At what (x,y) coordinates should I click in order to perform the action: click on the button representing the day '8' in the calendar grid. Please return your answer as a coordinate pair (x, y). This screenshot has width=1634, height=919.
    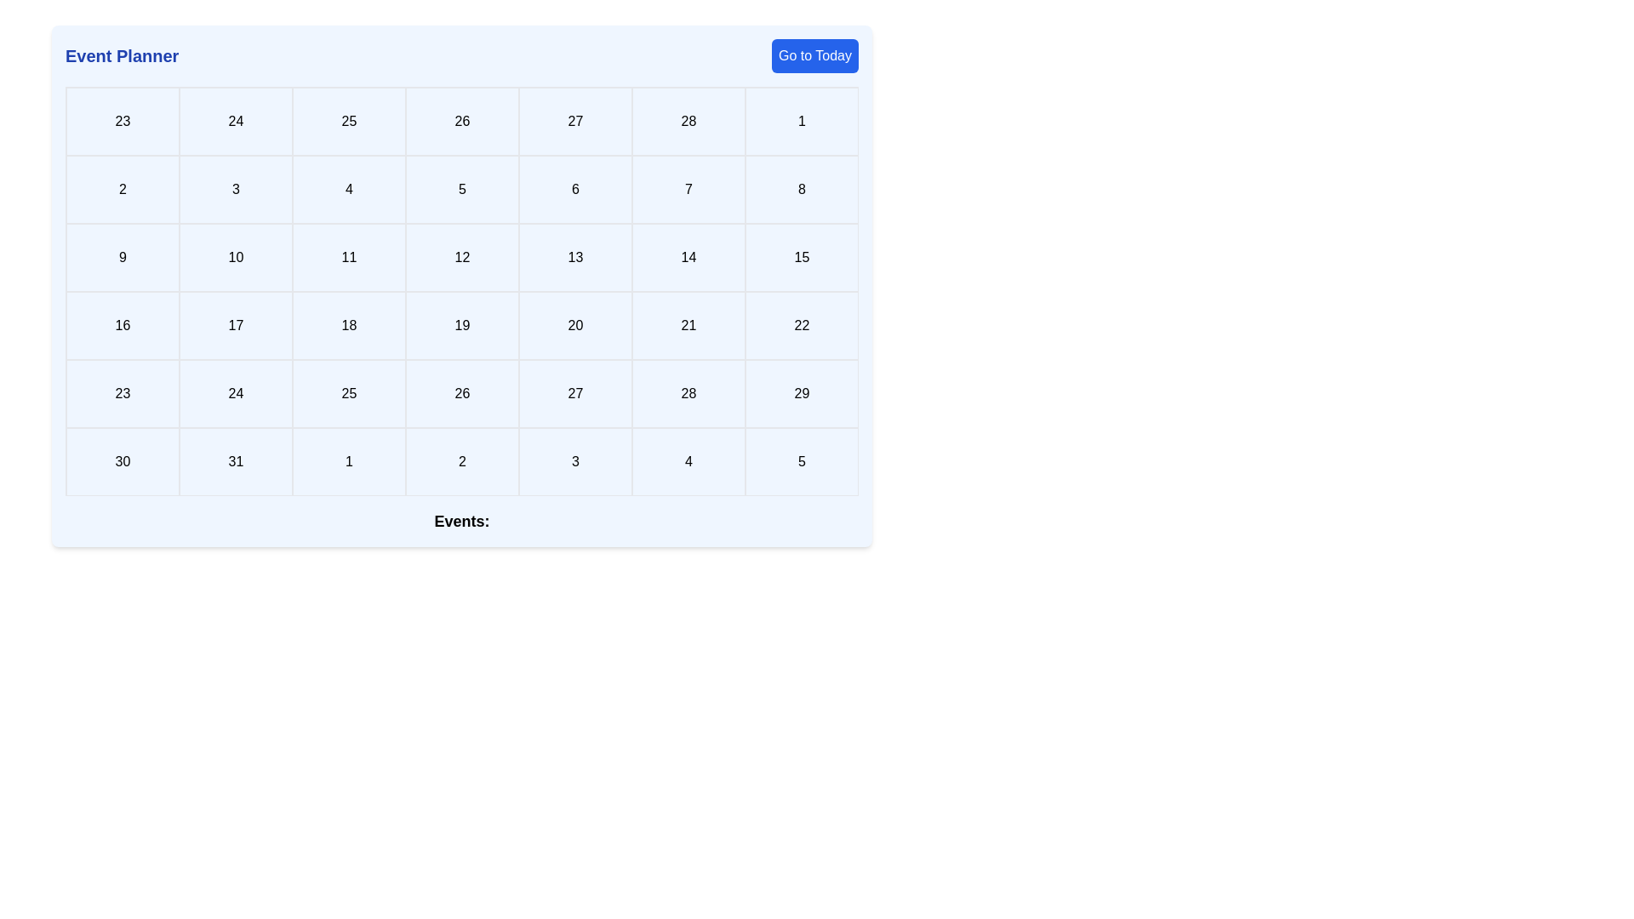
    Looking at the image, I should click on (801, 190).